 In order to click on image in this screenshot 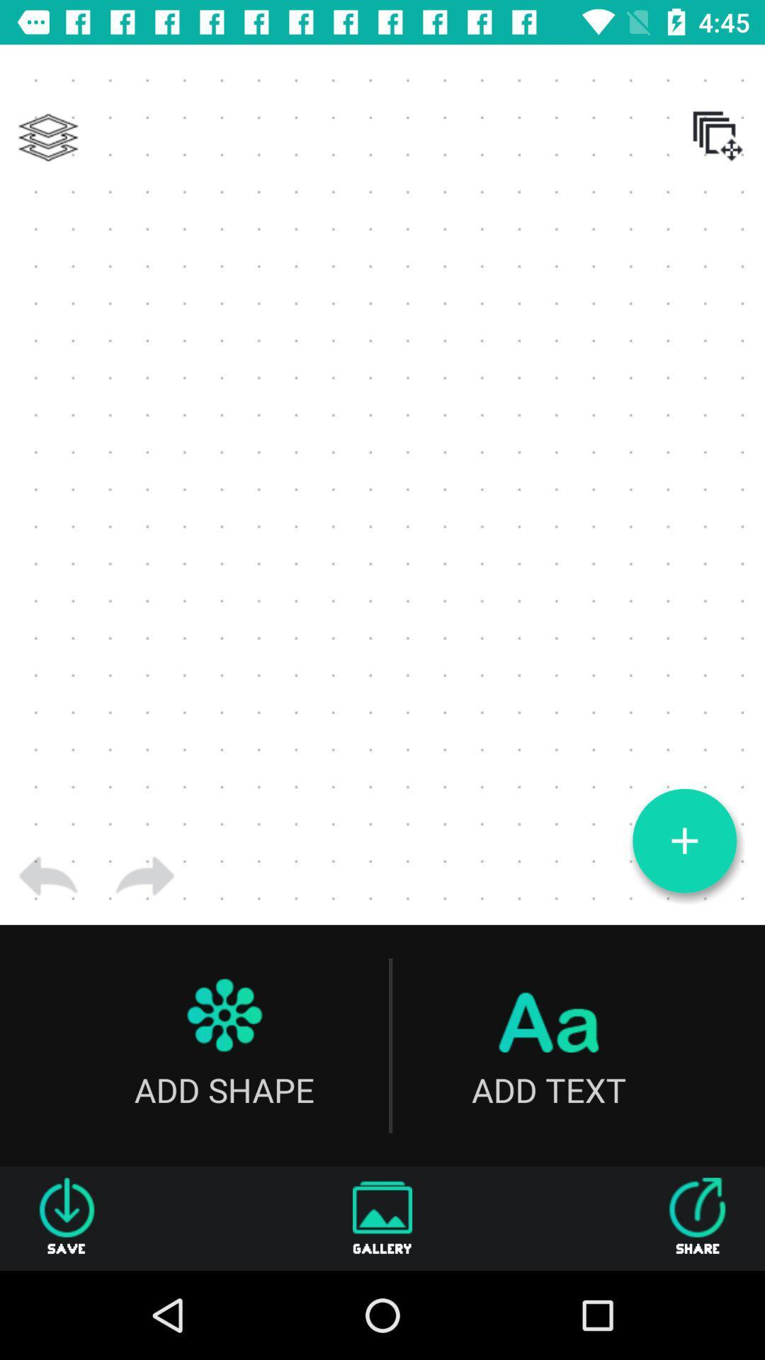, I will do `click(684, 841)`.